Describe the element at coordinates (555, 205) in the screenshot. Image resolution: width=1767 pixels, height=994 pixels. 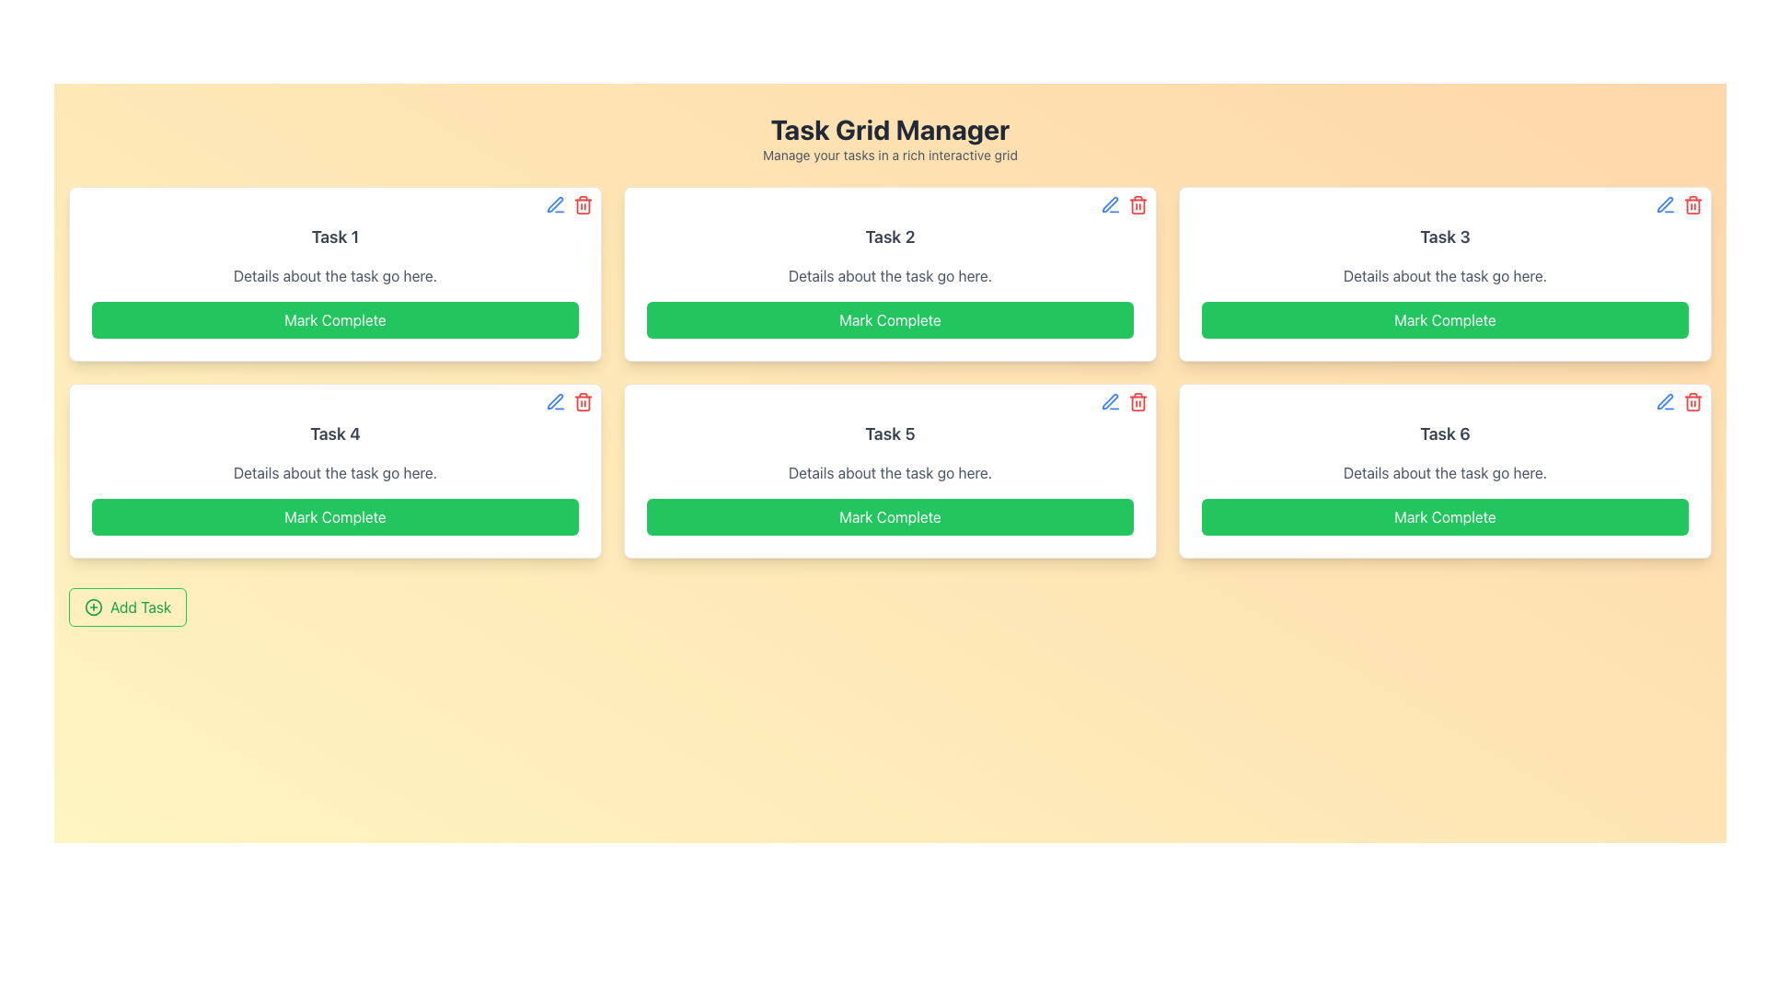
I see `the edit button located at the top-right corner of the task card labeled 'Task 1'` at that location.